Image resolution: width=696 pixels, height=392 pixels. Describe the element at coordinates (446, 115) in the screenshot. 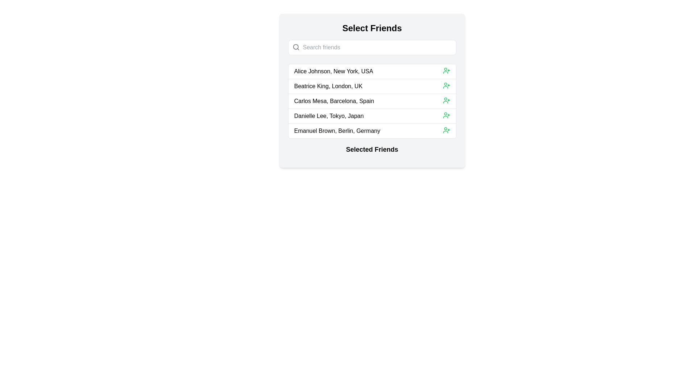

I see `the green user profile icon button with a plus sign, located to the right of the list item labeled 'Danielle Lee, Tokyo, Japan'` at that location.